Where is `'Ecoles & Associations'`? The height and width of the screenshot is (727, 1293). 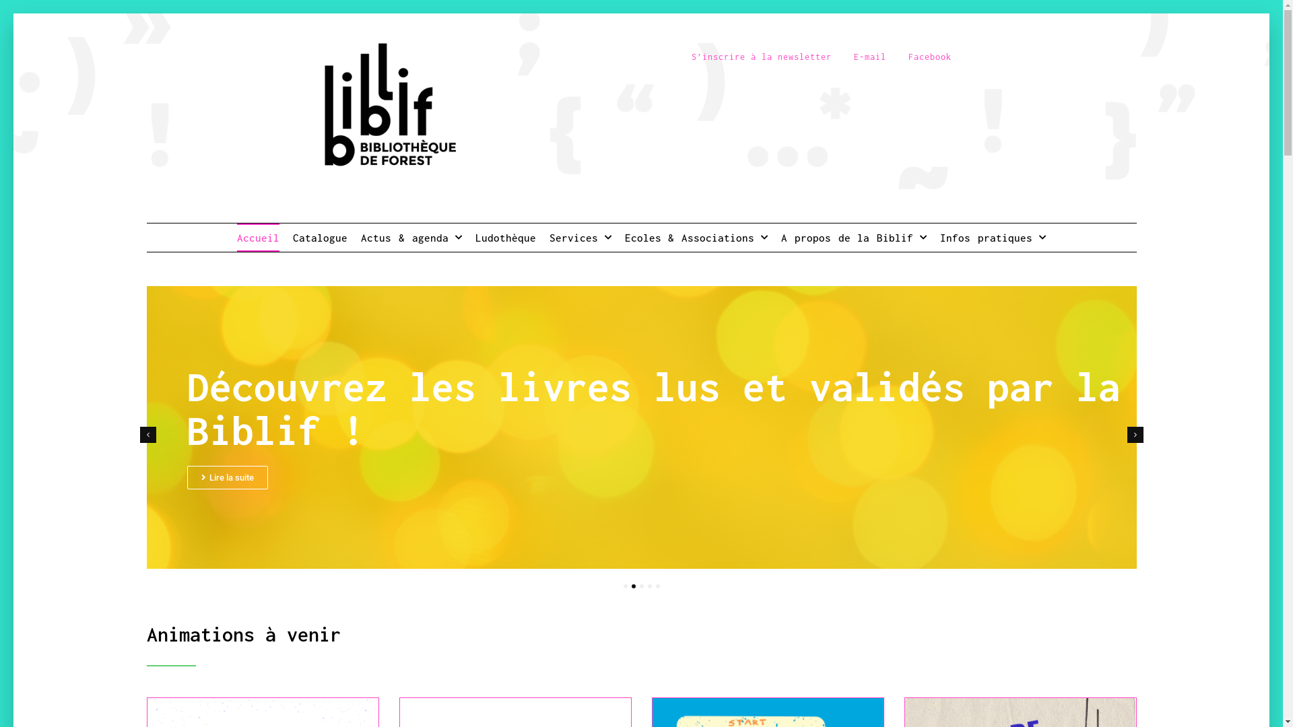
'Ecoles & Associations' is located at coordinates (624, 237).